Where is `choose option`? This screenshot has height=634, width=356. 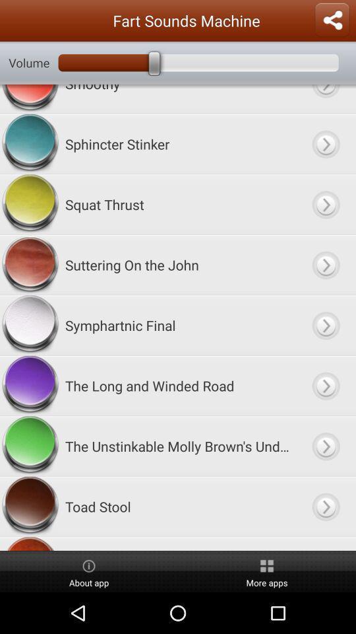
choose option is located at coordinates (325, 98).